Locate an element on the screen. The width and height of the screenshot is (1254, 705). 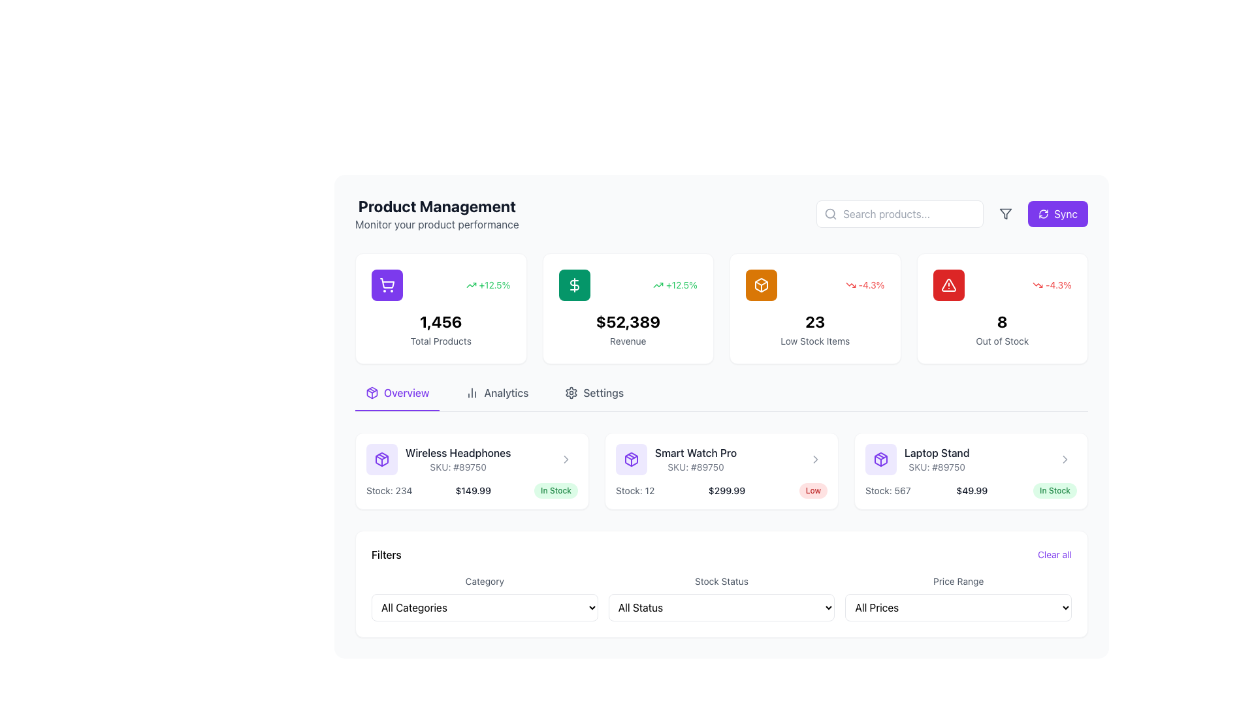
the dropdown menu located in the Filters section is located at coordinates (720, 607).